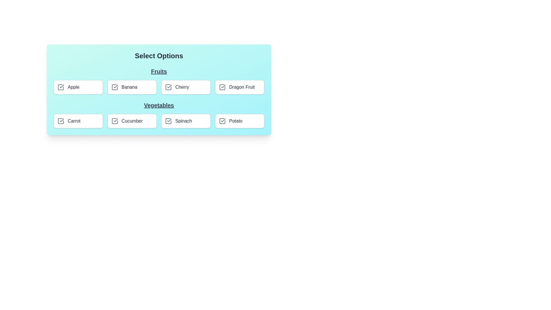 The width and height of the screenshot is (551, 310). I want to click on the checkbox option representing 'Cucumber', so click(132, 121).